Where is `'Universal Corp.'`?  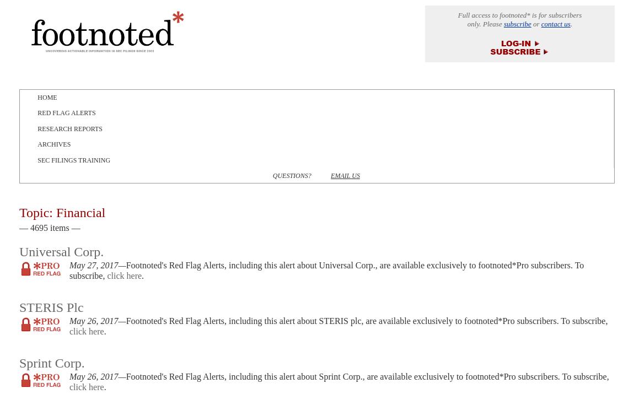
'Universal Corp.' is located at coordinates (61, 250).